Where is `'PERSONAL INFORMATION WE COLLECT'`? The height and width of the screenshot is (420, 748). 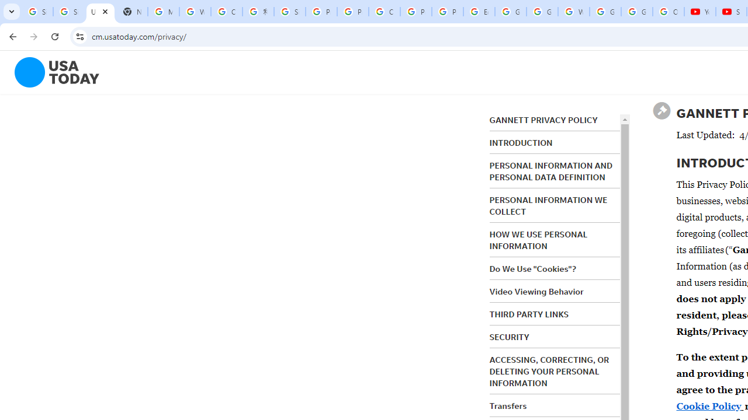
'PERSONAL INFORMATION WE COLLECT' is located at coordinates (548, 205).